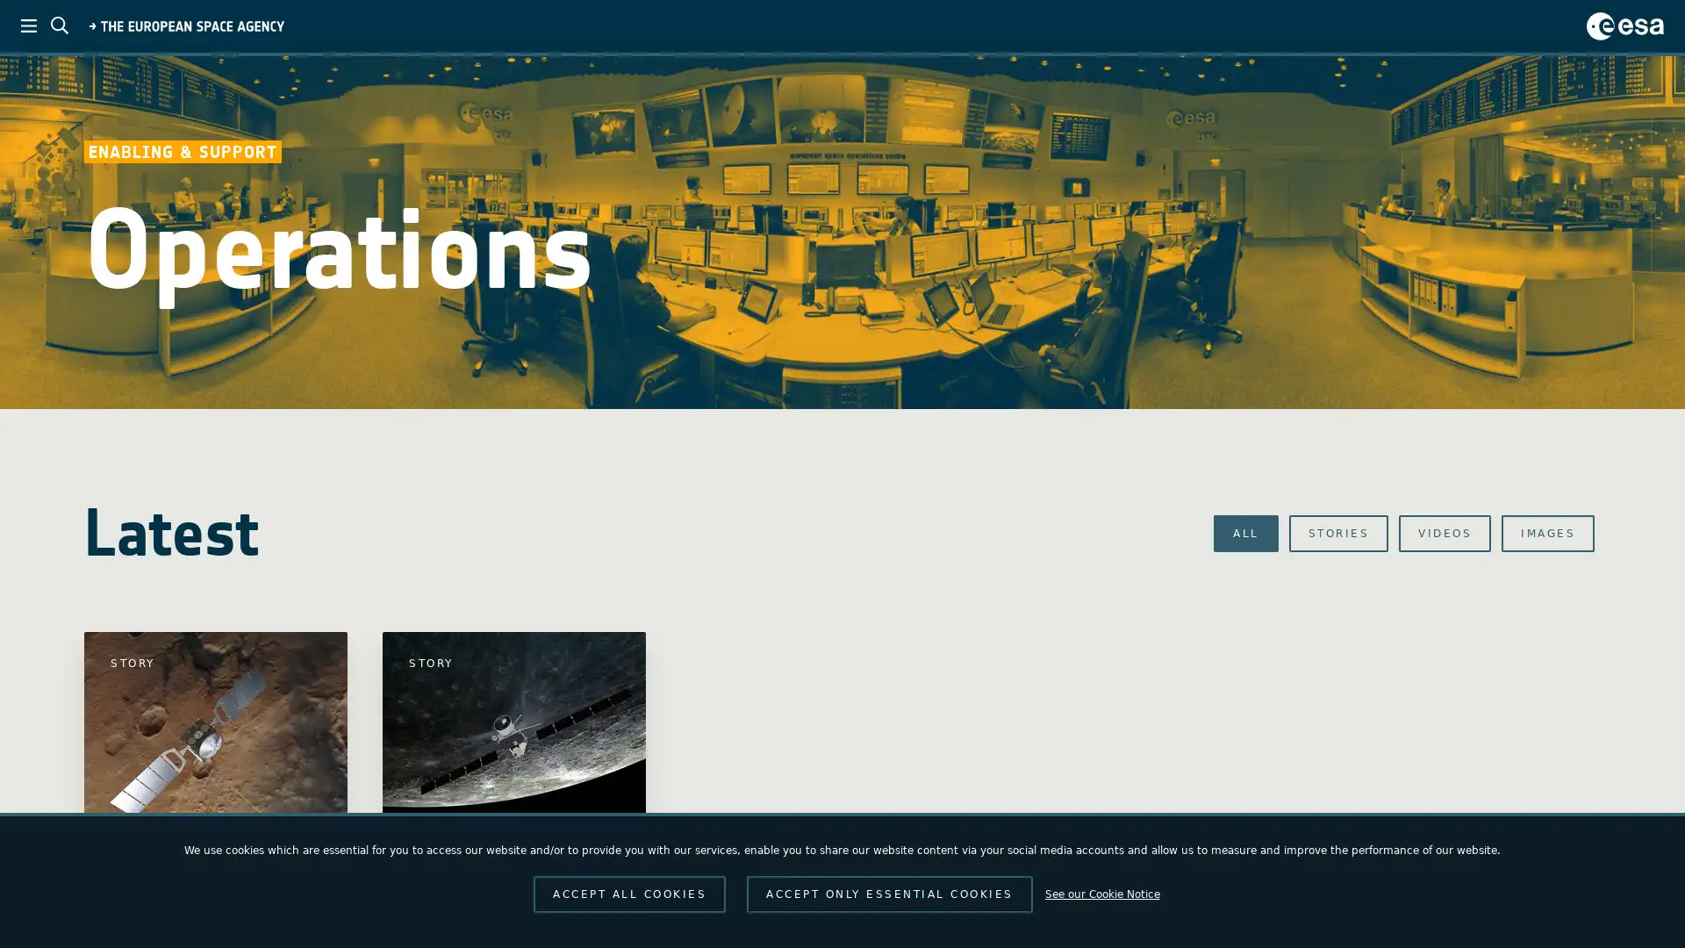  What do you see at coordinates (1445, 531) in the screenshot?
I see `VIDEOS` at bounding box center [1445, 531].